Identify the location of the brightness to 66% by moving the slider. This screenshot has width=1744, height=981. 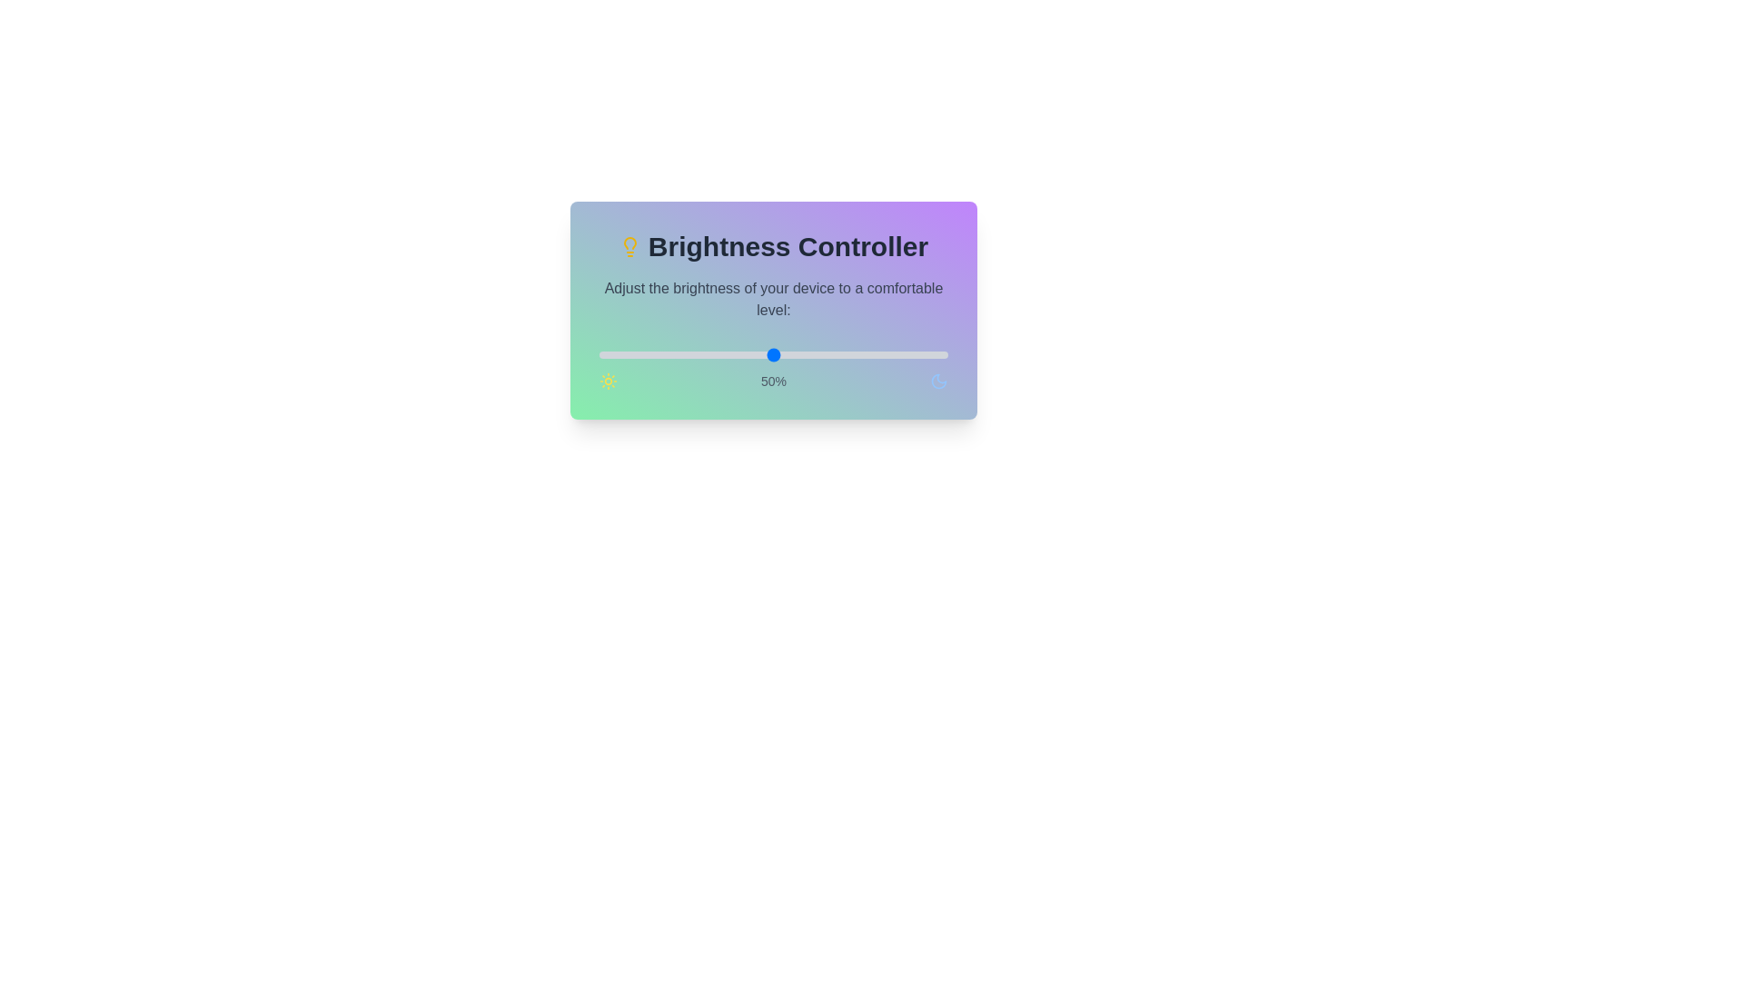
(828, 354).